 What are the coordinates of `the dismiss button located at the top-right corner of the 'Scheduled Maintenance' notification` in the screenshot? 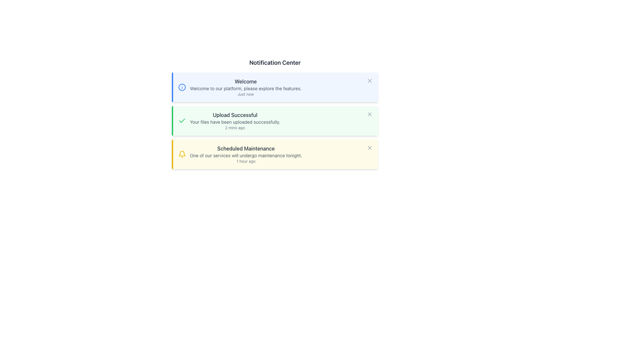 It's located at (370, 148).